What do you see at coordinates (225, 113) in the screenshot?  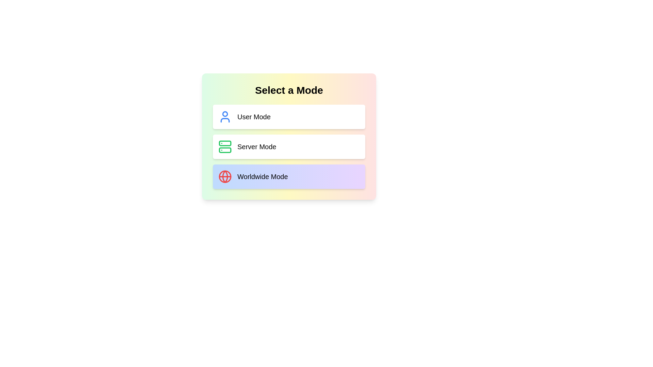 I see `the SVG Circle with a blue stroke and white fill, located centrally within the icon for 'User Mode' in the UI for information` at bounding box center [225, 113].